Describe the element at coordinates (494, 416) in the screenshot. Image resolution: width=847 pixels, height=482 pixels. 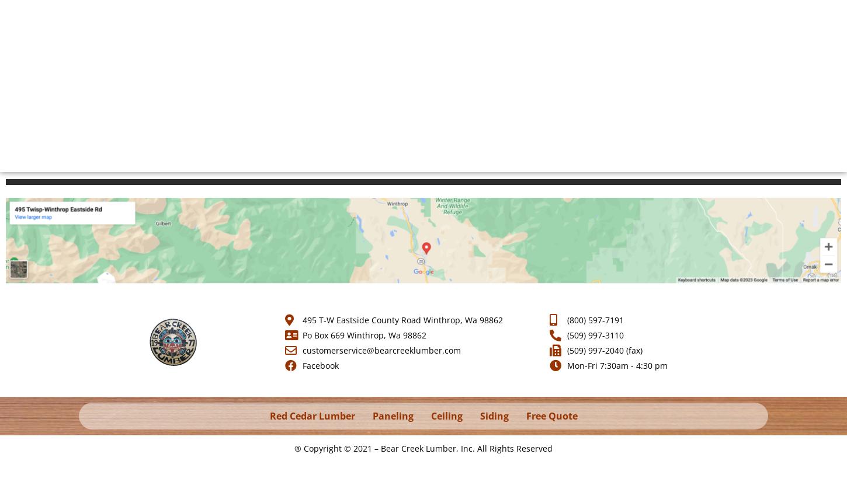
I see `'Siding'` at that location.